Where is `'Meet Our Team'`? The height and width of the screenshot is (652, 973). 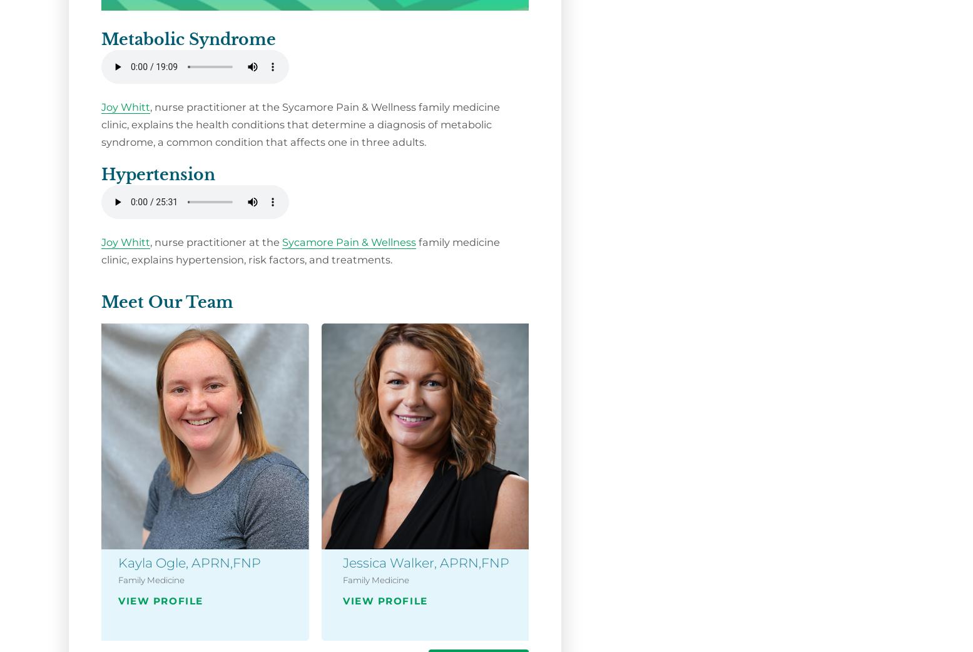 'Meet Our Team' is located at coordinates (167, 302).